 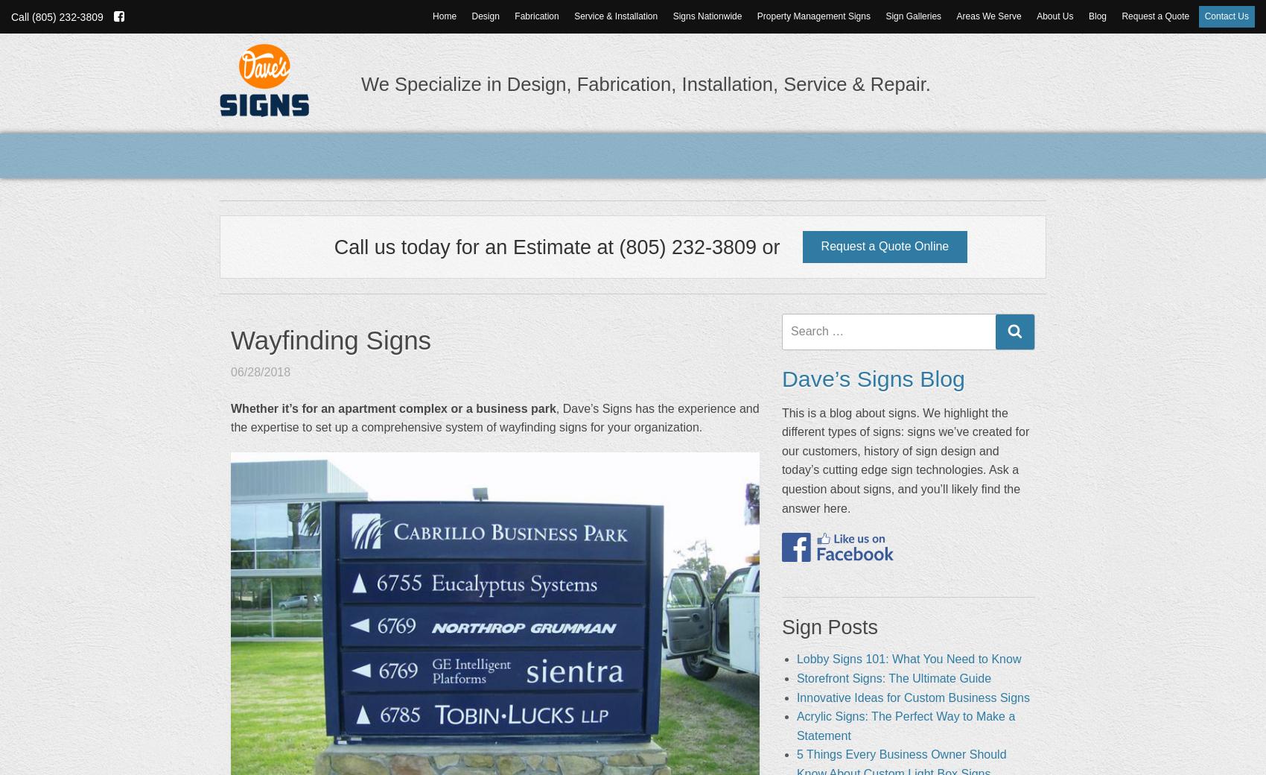 What do you see at coordinates (393, 407) in the screenshot?
I see `'Whether it’s for an apartment complex or a business park'` at bounding box center [393, 407].